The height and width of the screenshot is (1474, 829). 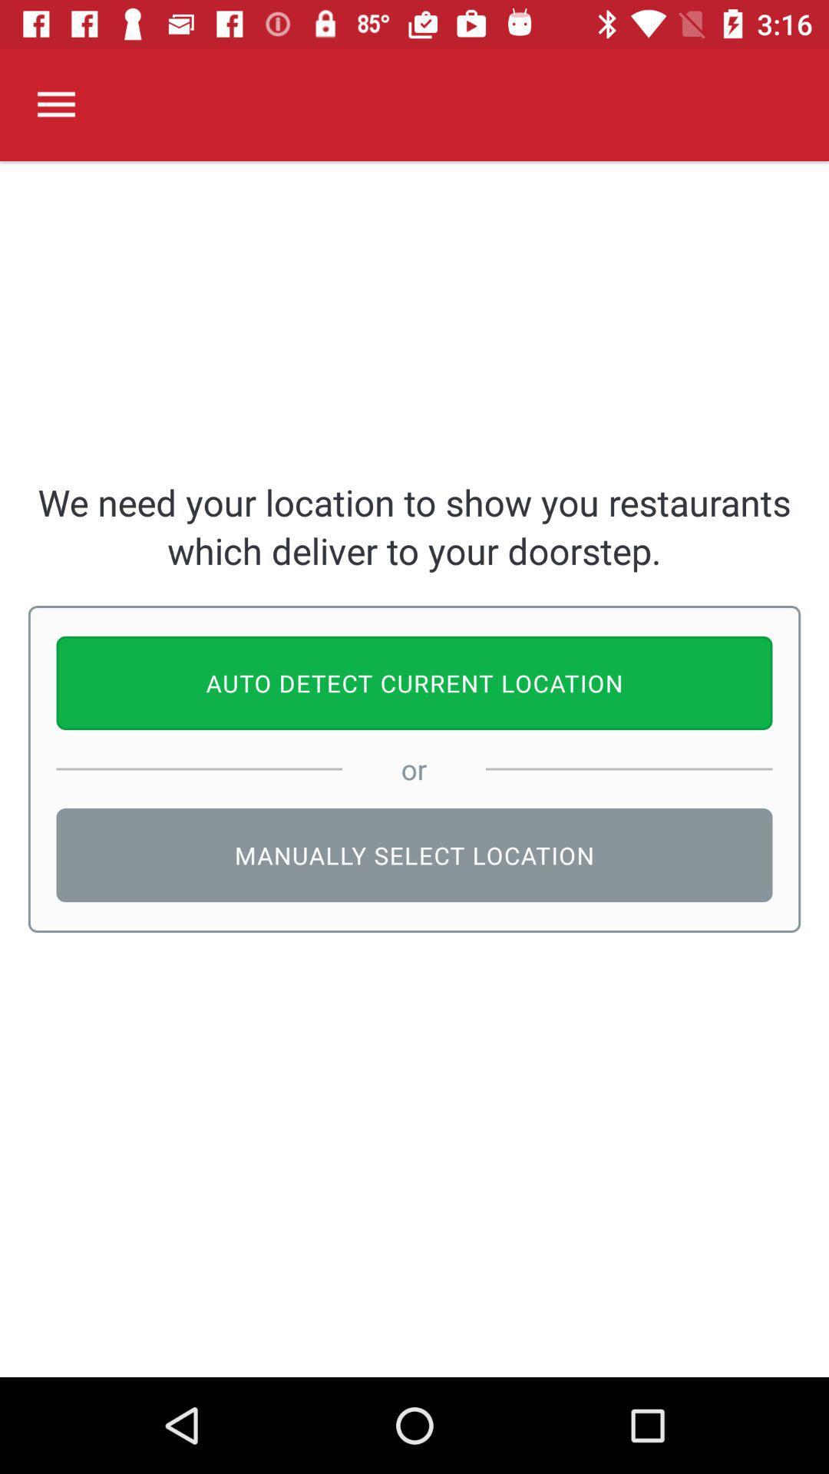 What do you see at coordinates (414, 682) in the screenshot?
I see `the icon below we need your` at bounding box center [414, 682].